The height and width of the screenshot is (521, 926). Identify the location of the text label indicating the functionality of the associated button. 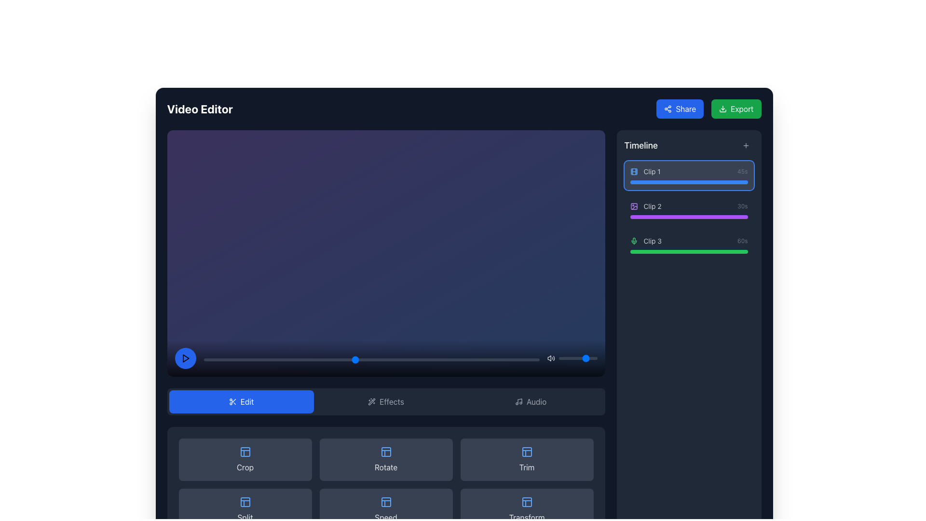
(536, 401).